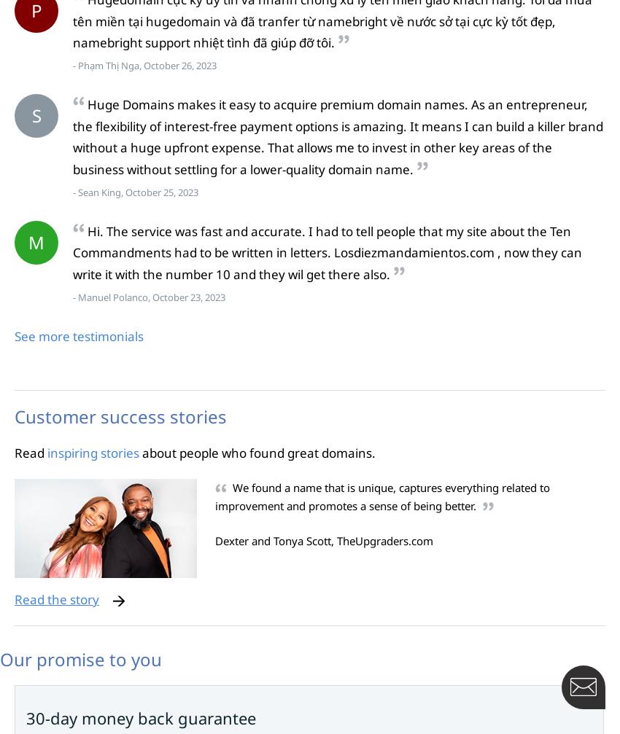 This screenshot has height=734, width=620. I want to click on 'M', so click(36, 241).